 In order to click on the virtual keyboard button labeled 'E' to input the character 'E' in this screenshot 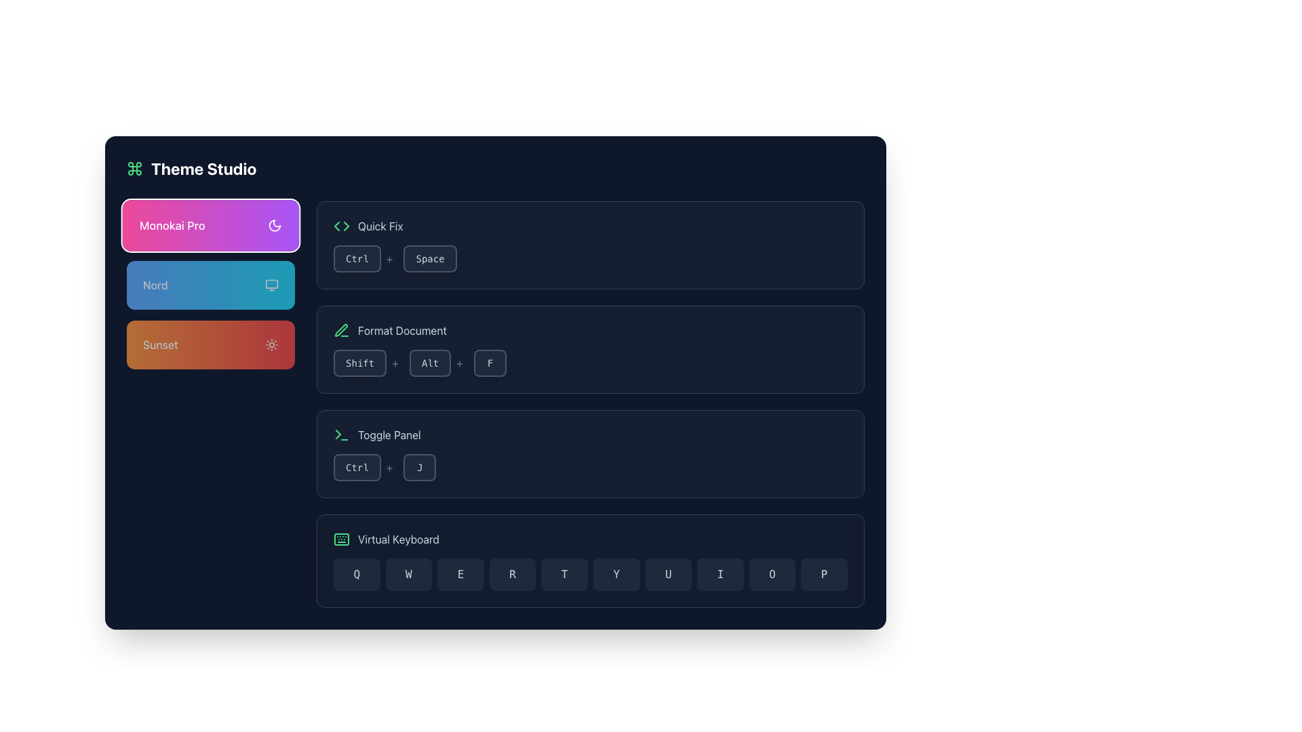, I will do `click(460, 575)`.